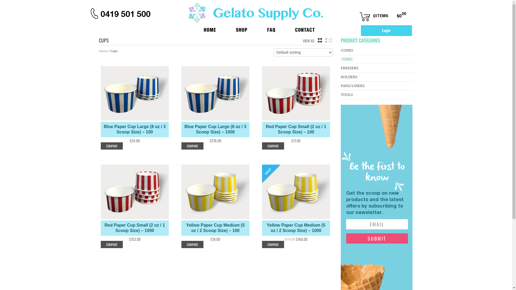 The width and height of the screenshot is (516, 290). Describe the element at coordinates (320, 40) in the screenshot. I see `'GRID'` at that location.